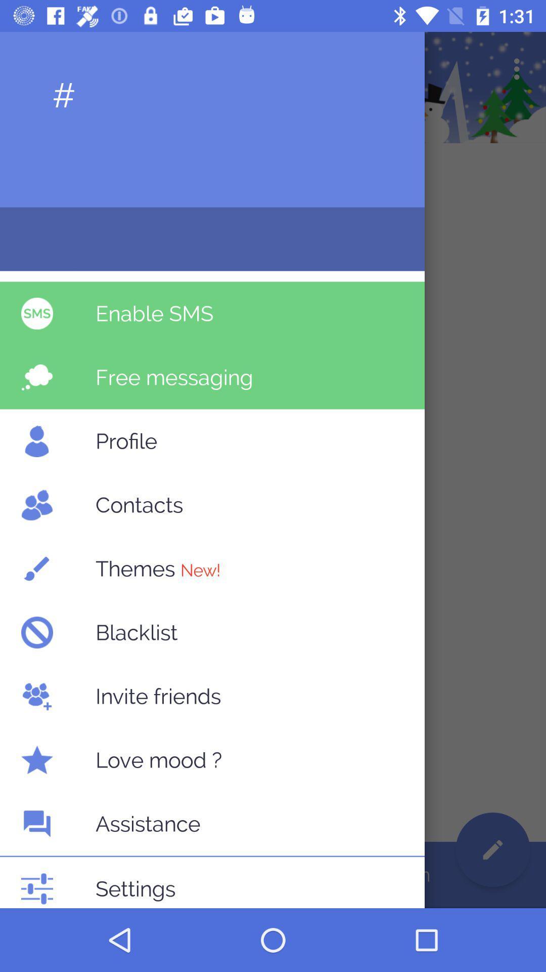 The width and height of the screenshot is (546, 972). What do you see at coordinates (36, 696) in the screenshot?
I see `icon left to the text invite friends` at bounding box center [36, 696].